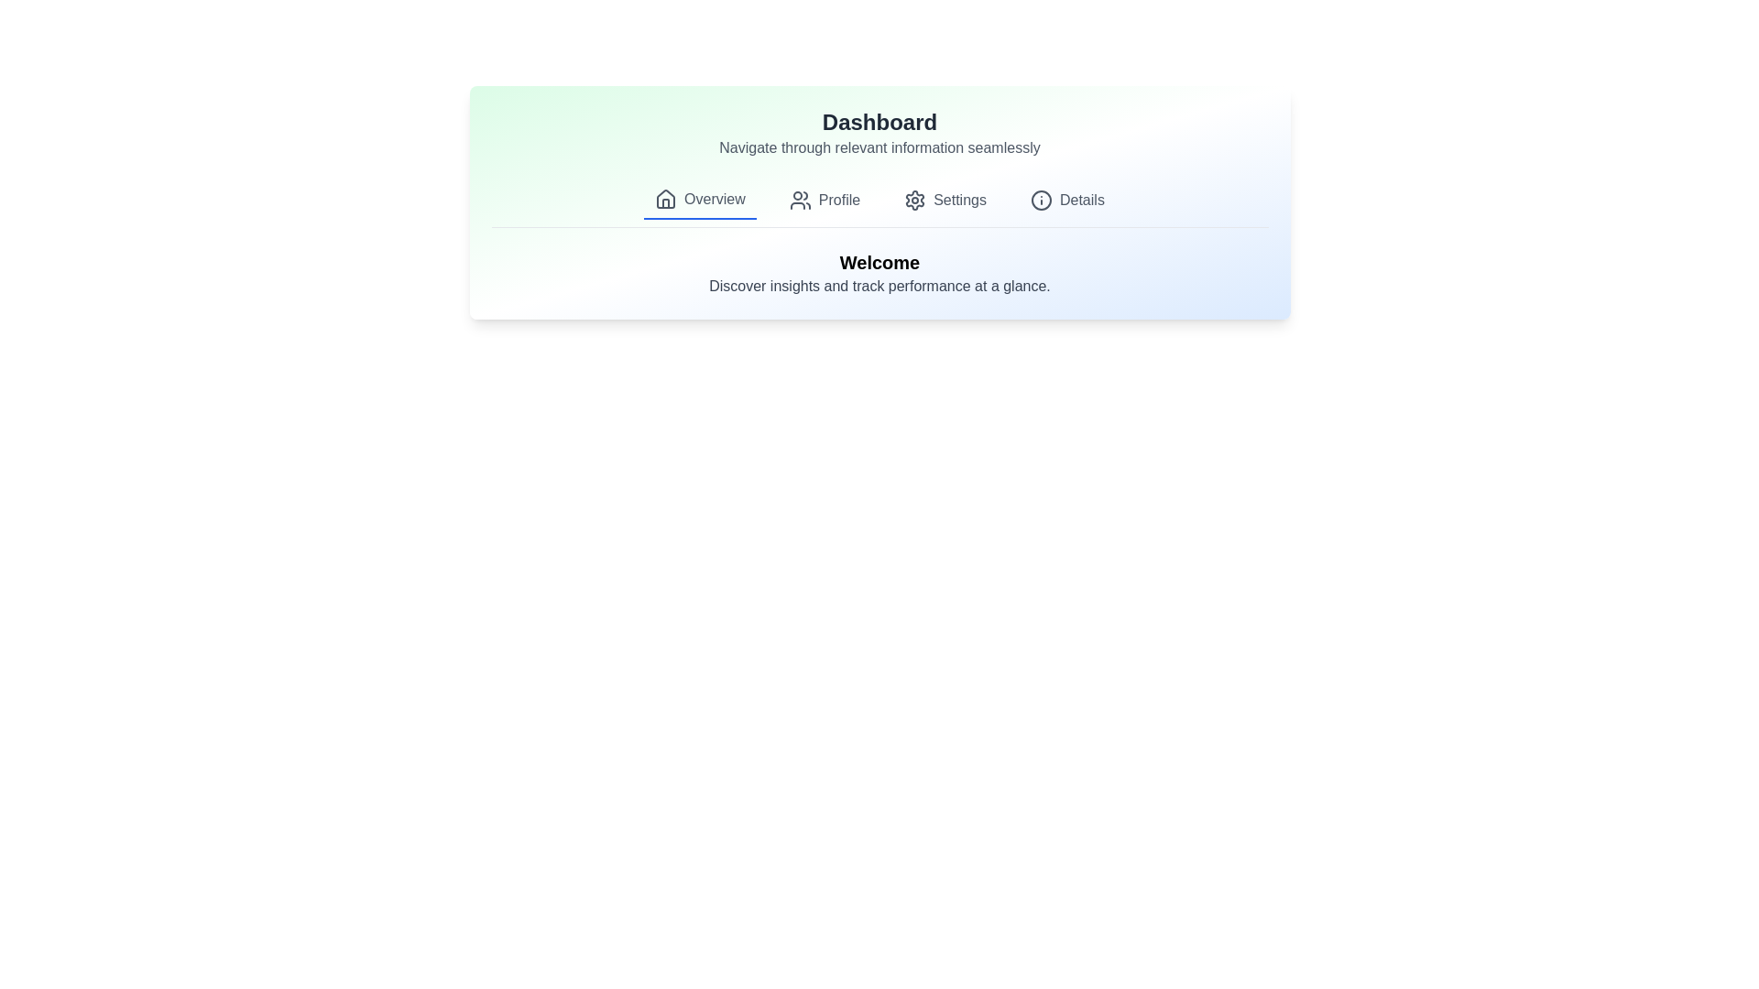 This screenshot has width=1759, height=989. I want to click on the circular graphical component within the SVG, which is aligned with the 'Details' label on the right side of the interface, so click(1042, 201).